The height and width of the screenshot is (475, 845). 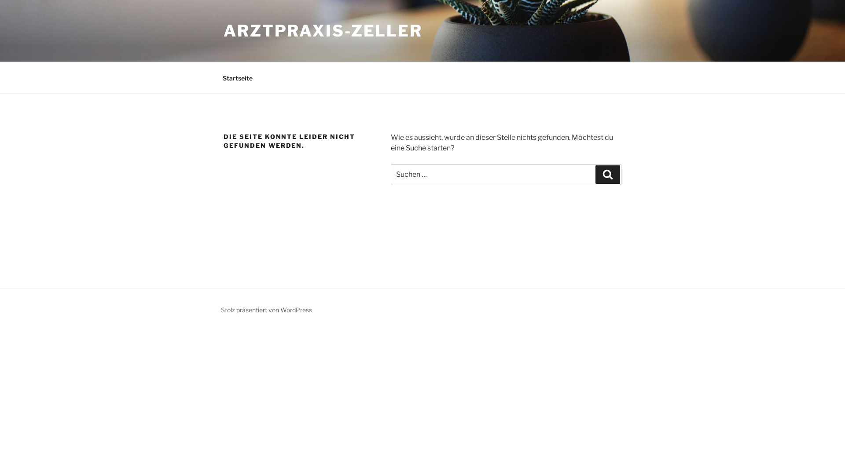 I want to click on 'Suchen', so click(x=595, y=175).